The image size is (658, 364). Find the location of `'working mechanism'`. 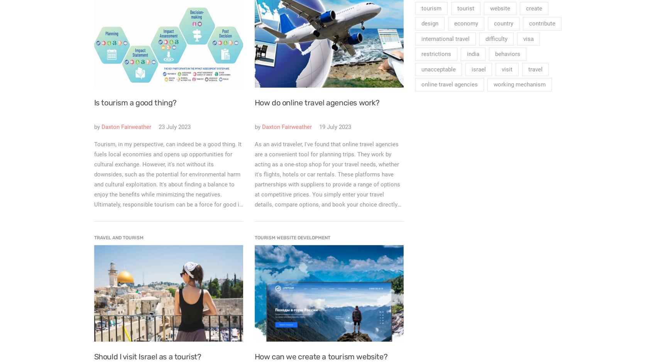

'working mechanism' is located at coordinates (519, 84).